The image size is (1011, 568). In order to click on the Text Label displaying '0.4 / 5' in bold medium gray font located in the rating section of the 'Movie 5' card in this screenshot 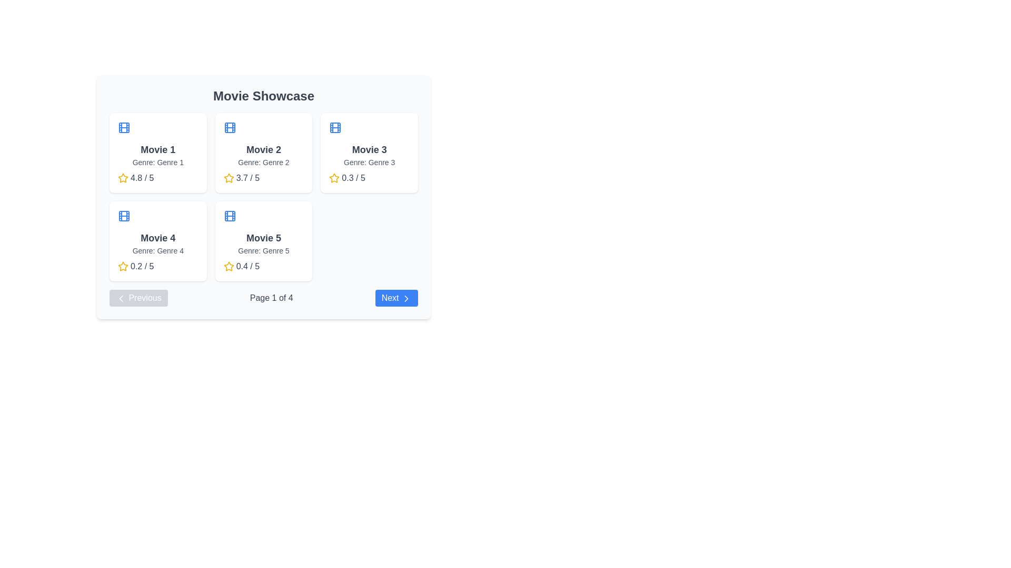, I will do `click(247, 266)`.